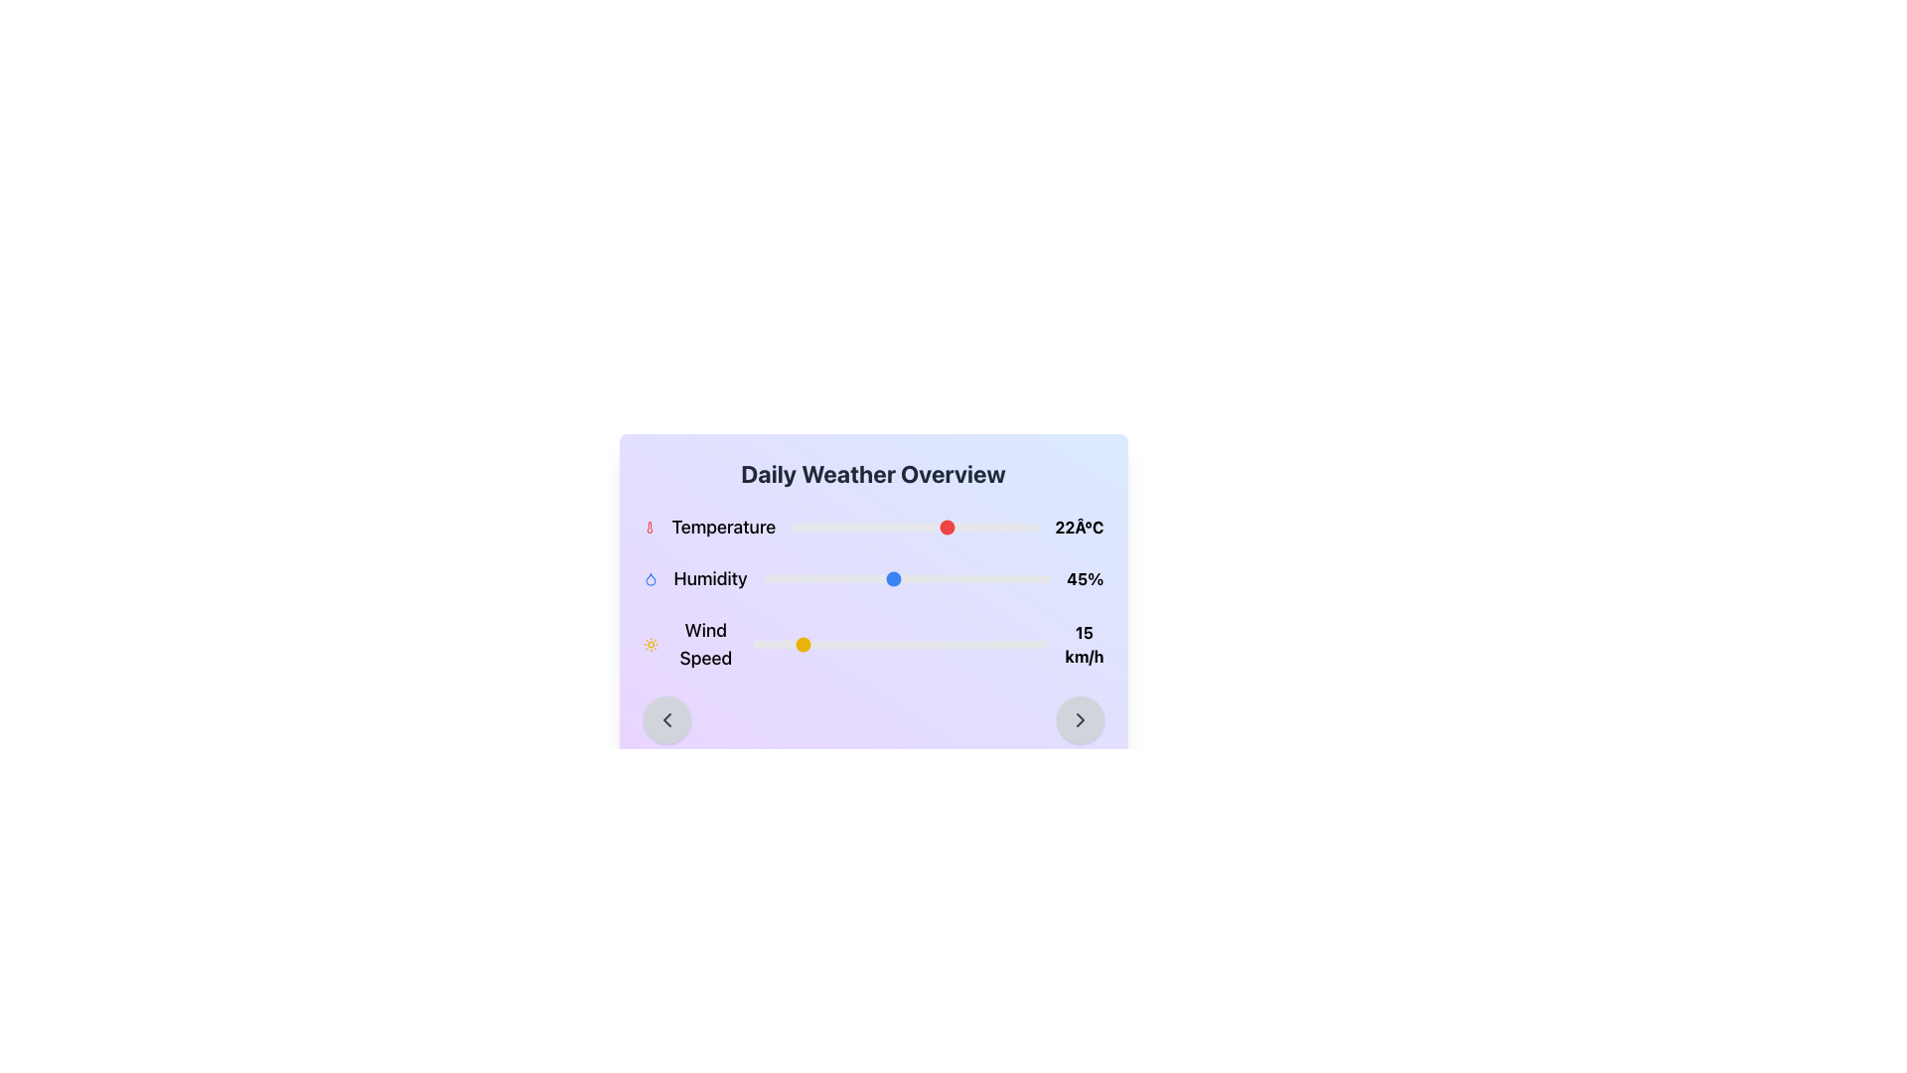 The height and width of the screenshot is (1073, 1907). Describe the element at coordinates (967, 578) in the screenshot. I see `humidity` at that location.